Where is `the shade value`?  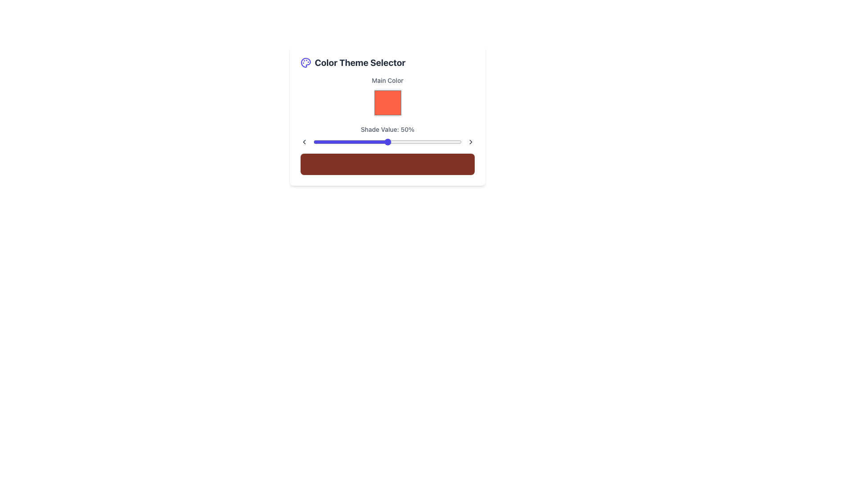
the shade value is located at coordinates (395, 142).